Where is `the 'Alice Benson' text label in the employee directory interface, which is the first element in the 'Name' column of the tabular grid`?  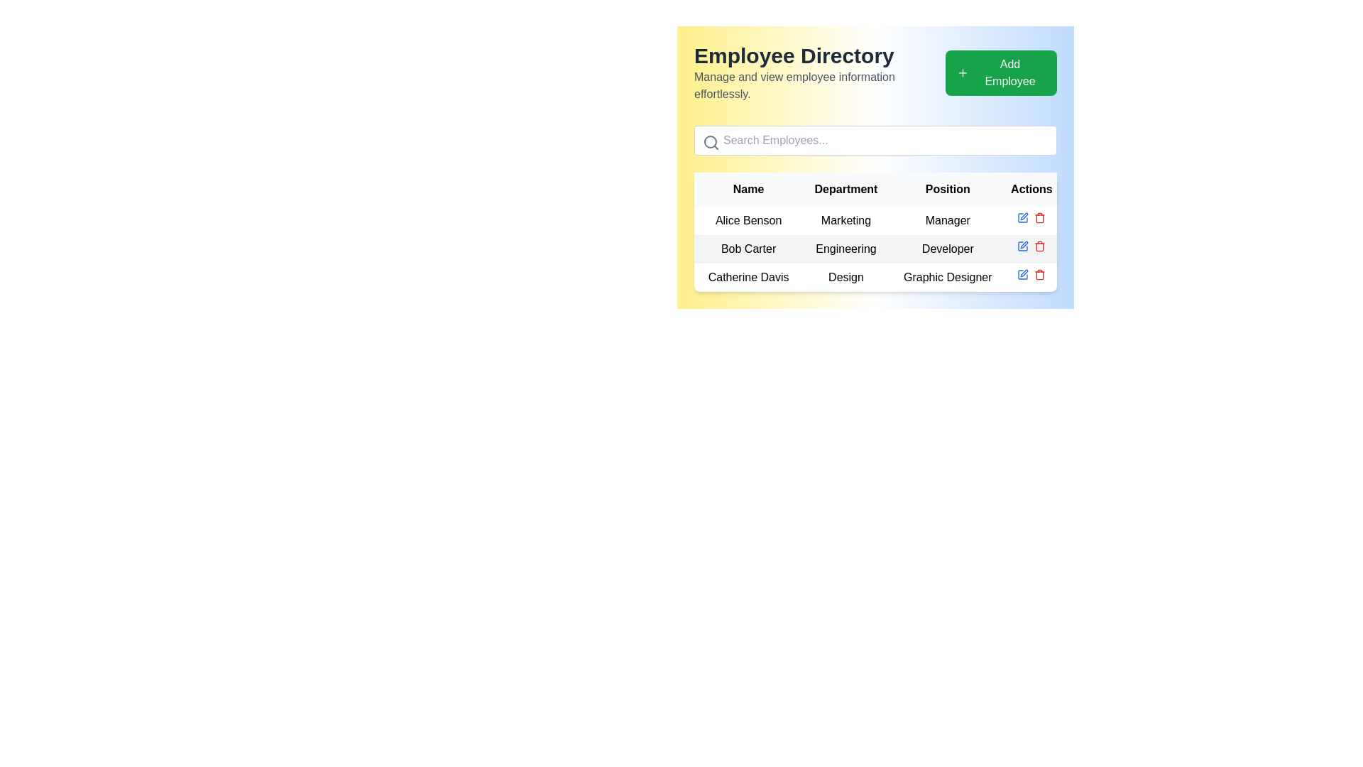 the 'Alice Benson' text label in the employee directory interface, which is the first element in the 'Name' column of the tabular grid is located at coordinates (748, 221).